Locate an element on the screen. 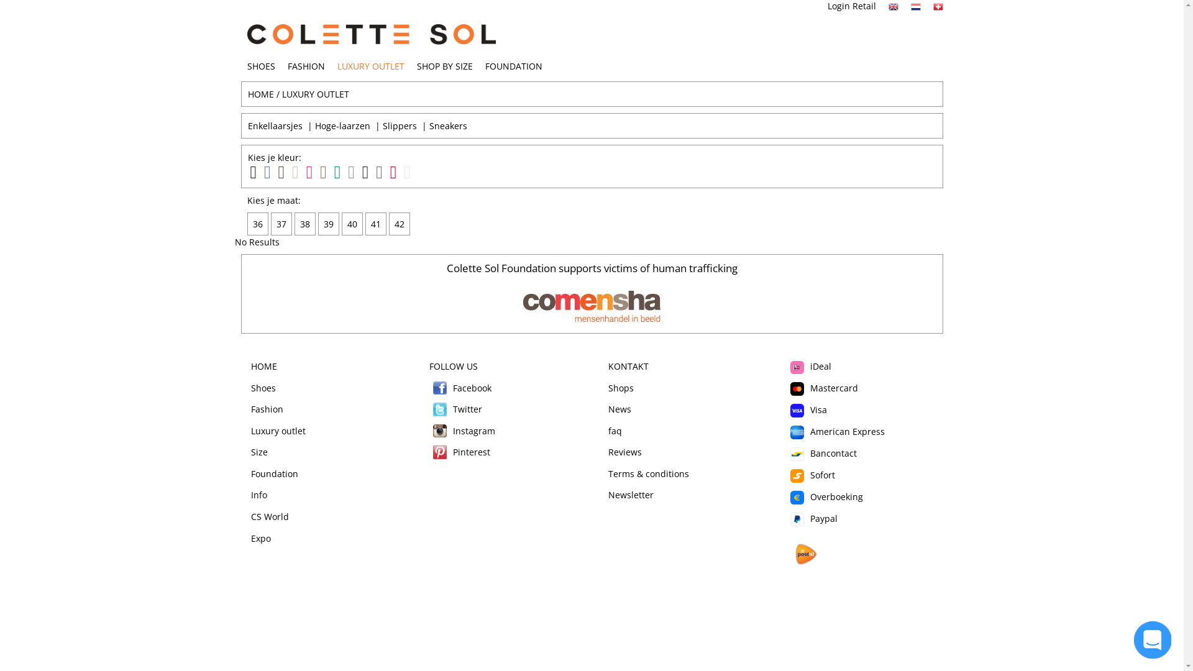  'Slippers' is located at coordinates (382, 126).